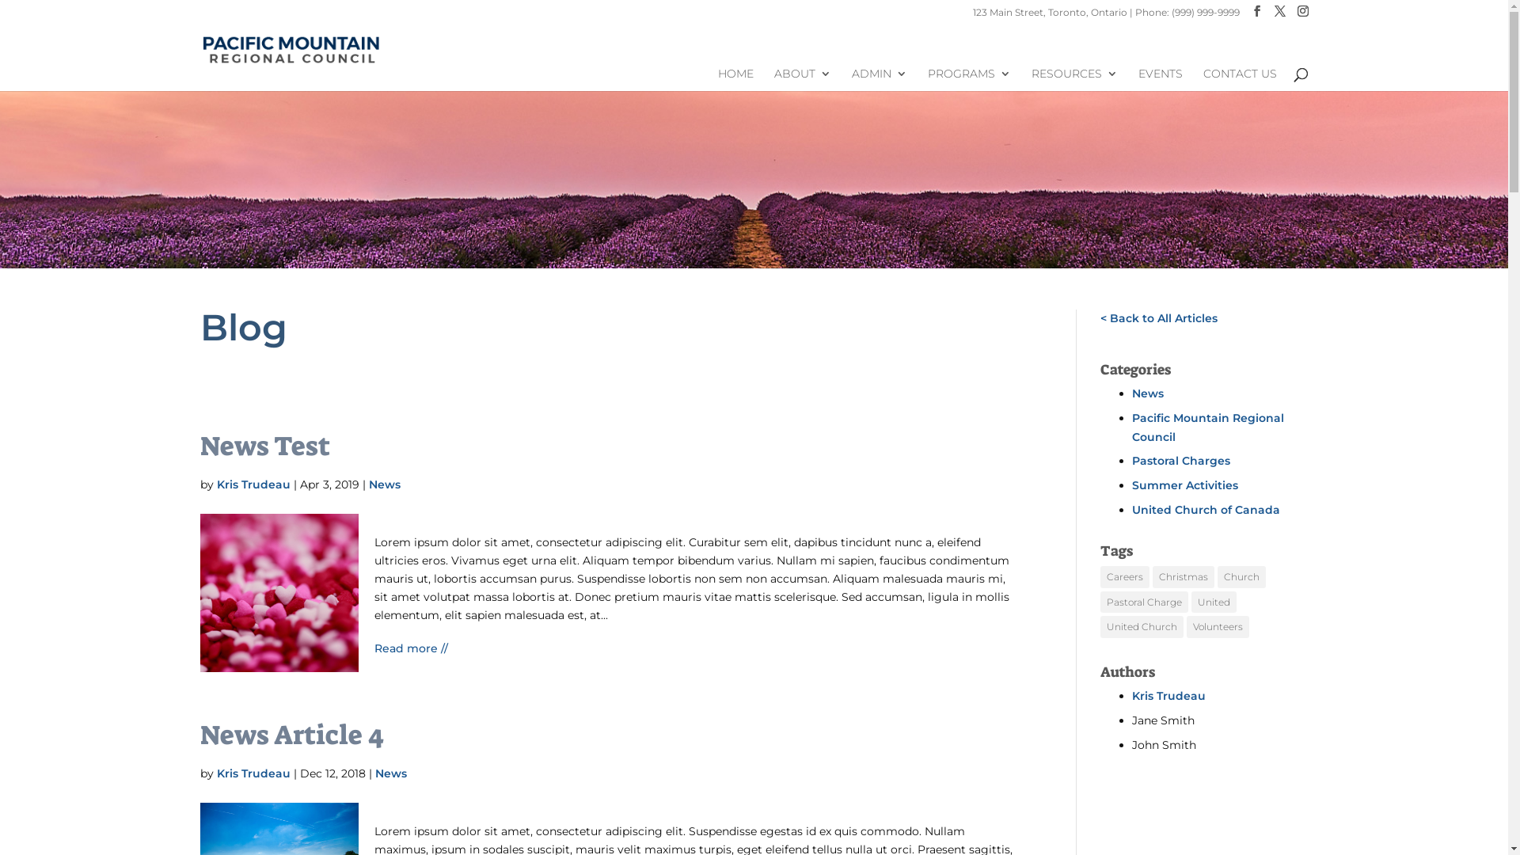 This screenshot has width=1520, height=855. What do you see at coordinates (264, 446) in the screenshot?
I see `'News Test'` at bounding box center [264, 446].